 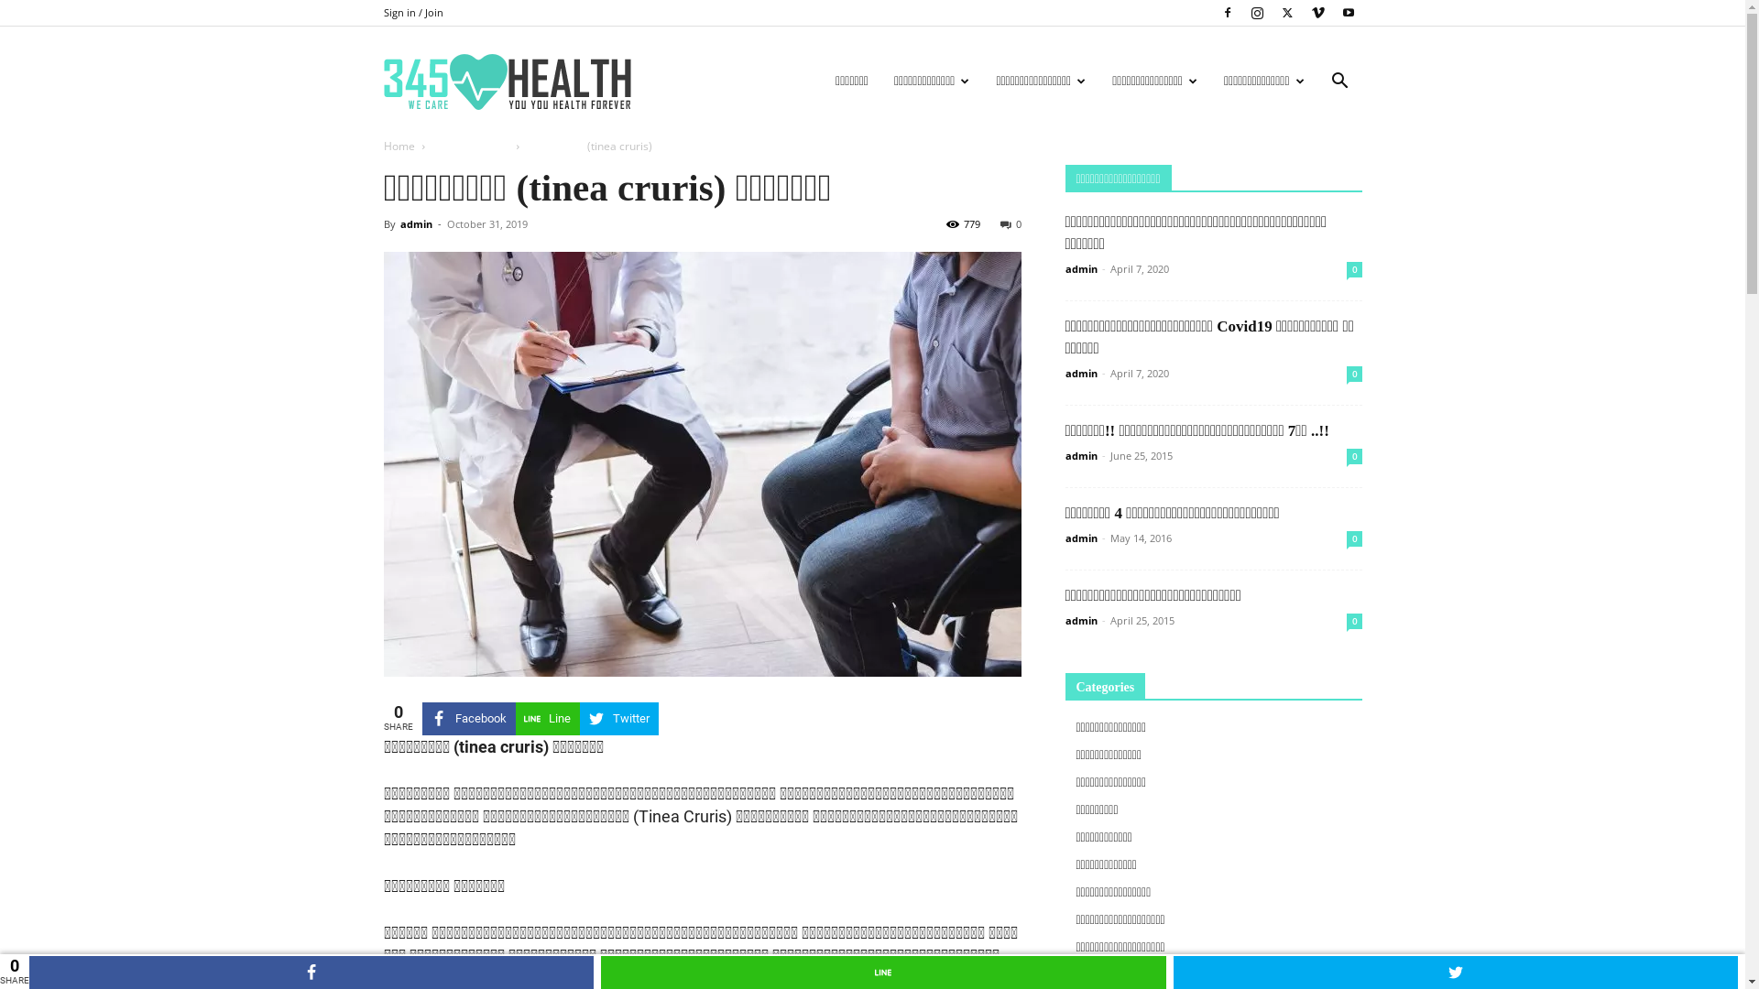 What do you see at coordinates (414, 223) in the screenshot?
I see `'admin'` at bounding box center [414, 223].